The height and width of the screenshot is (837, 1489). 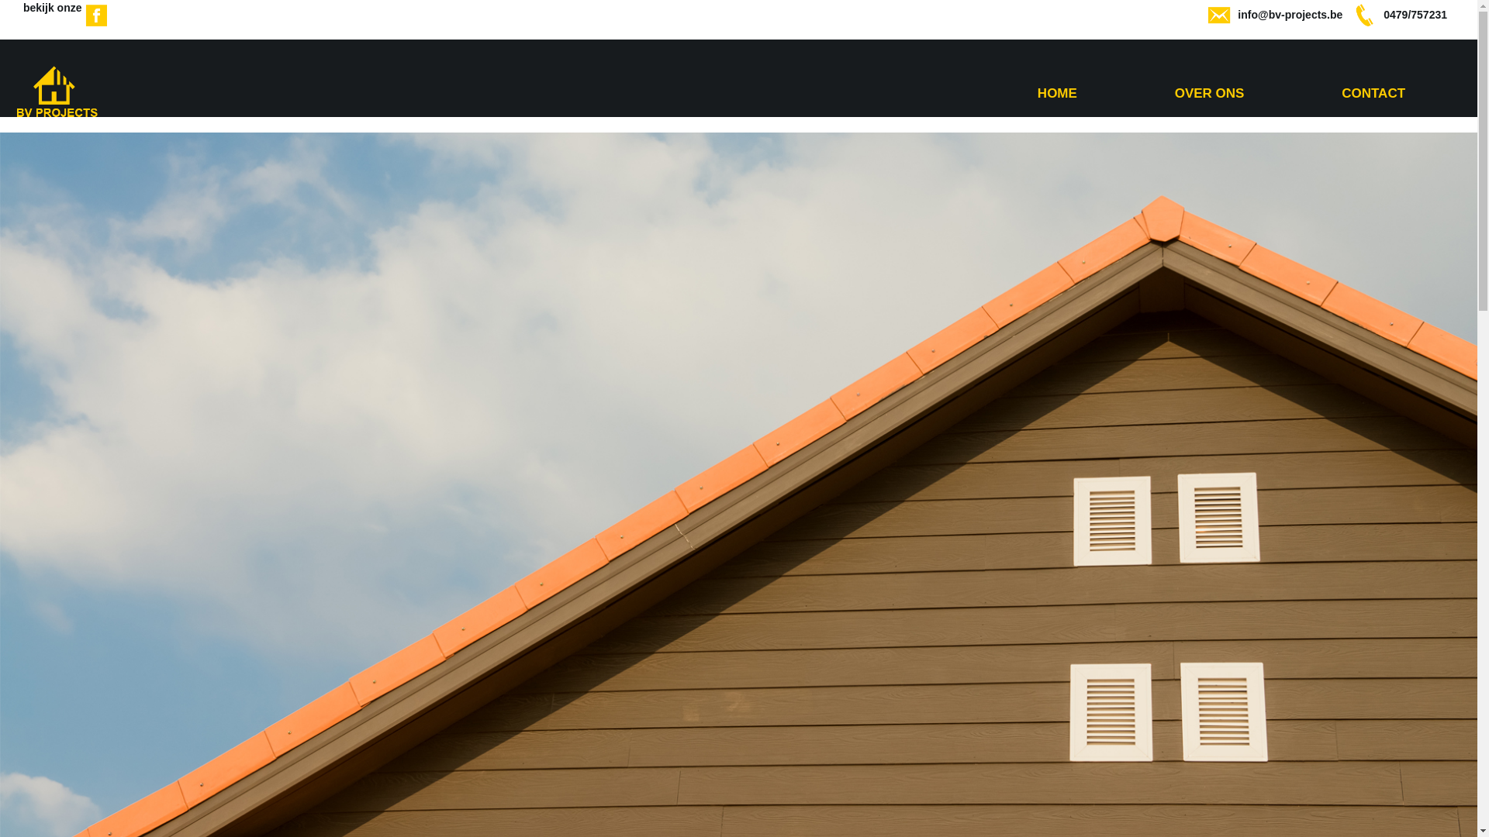 I want to click on 'CONTACT', so click(x=1373, y=93).